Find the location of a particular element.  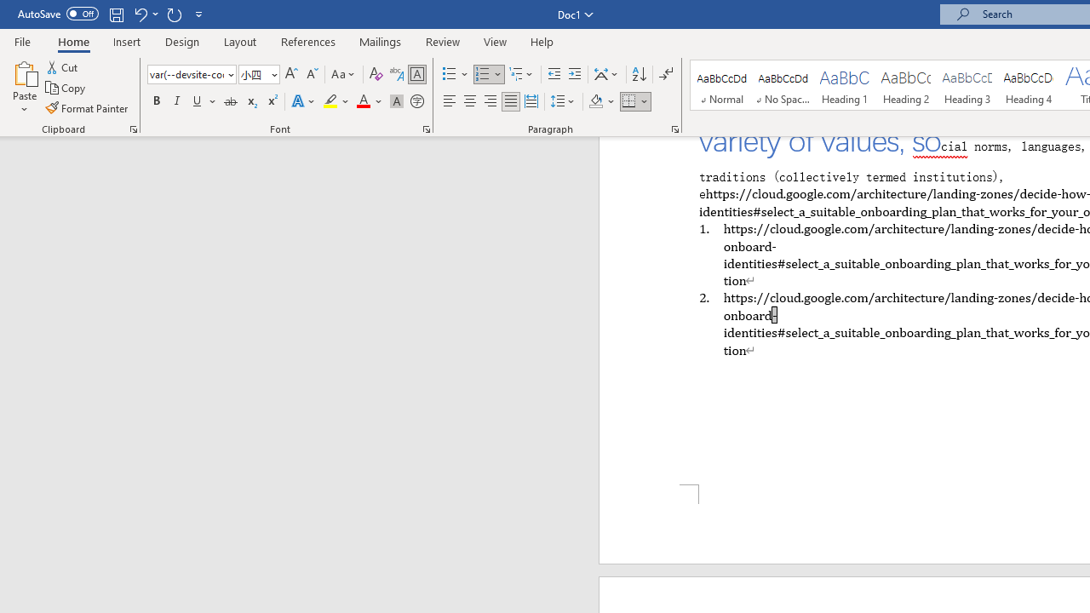

'Underline' is located at coordinates (204, 101).